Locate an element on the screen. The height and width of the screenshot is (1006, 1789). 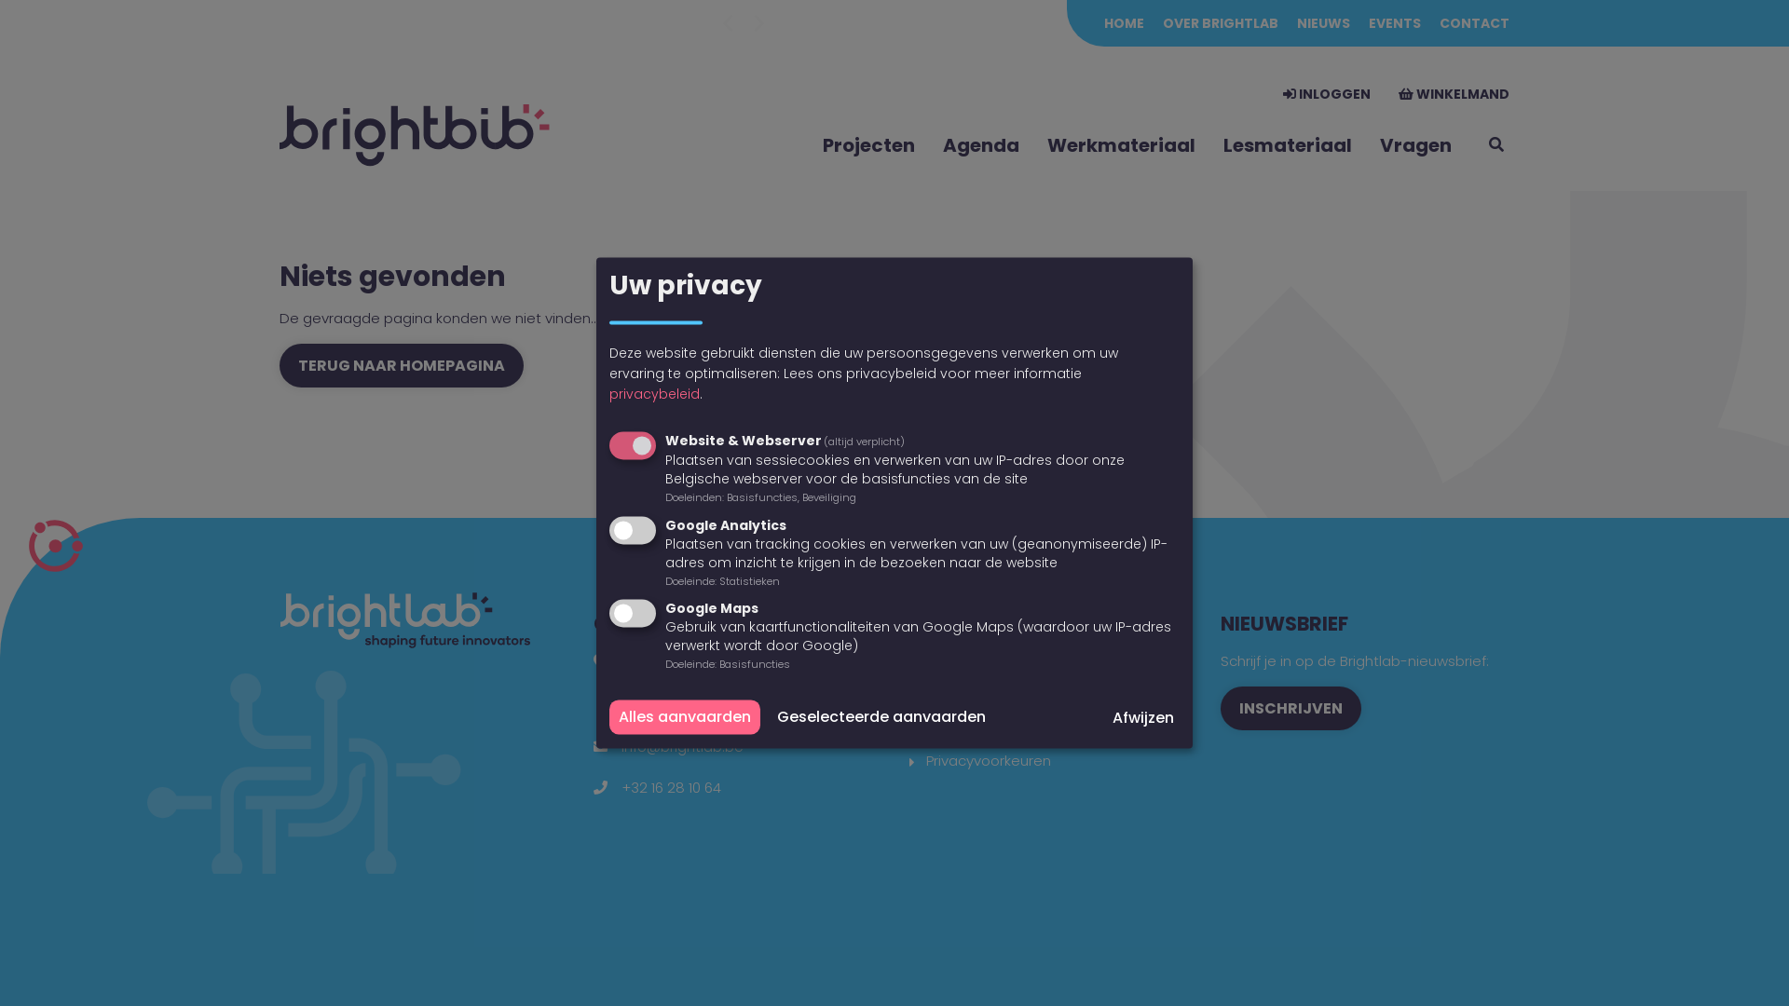
'TERUG NAAR HOMEPAGINA' is located at coordinates (401, 365).